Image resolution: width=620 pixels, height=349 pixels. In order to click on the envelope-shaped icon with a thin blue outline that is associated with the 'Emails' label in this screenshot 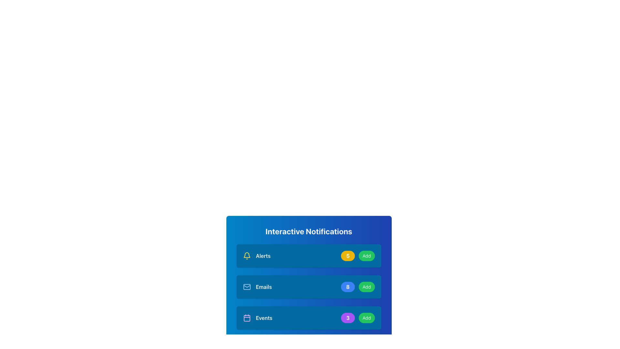, I will do `click(246, 286)`.